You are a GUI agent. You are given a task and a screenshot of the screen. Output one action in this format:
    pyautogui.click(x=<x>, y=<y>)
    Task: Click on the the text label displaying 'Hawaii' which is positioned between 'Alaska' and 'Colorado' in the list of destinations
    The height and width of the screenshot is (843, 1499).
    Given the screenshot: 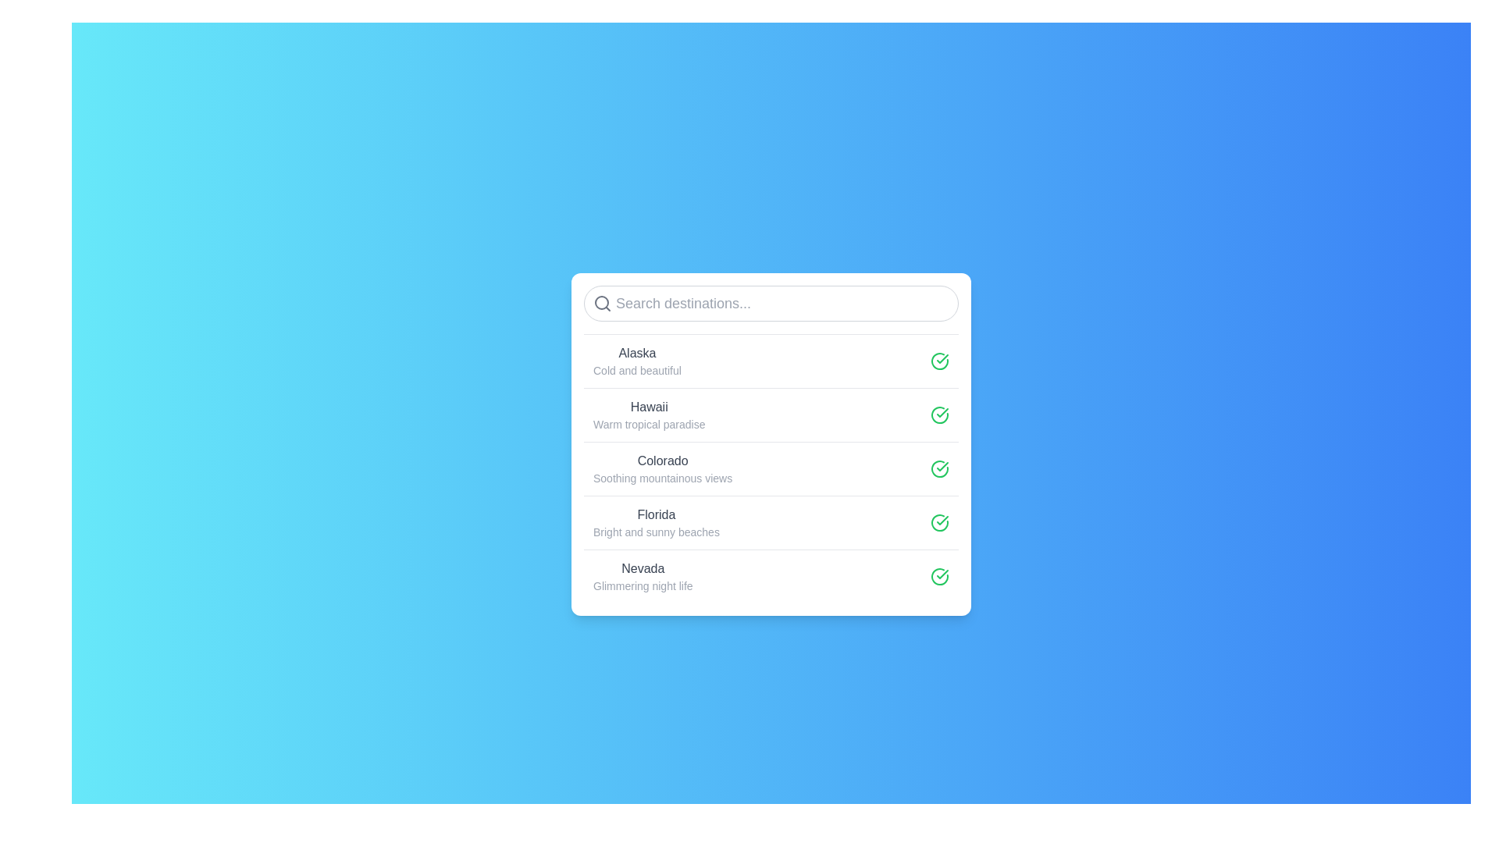 What is the action you would take?
    pyautogui.click(x=649, y=406)
    